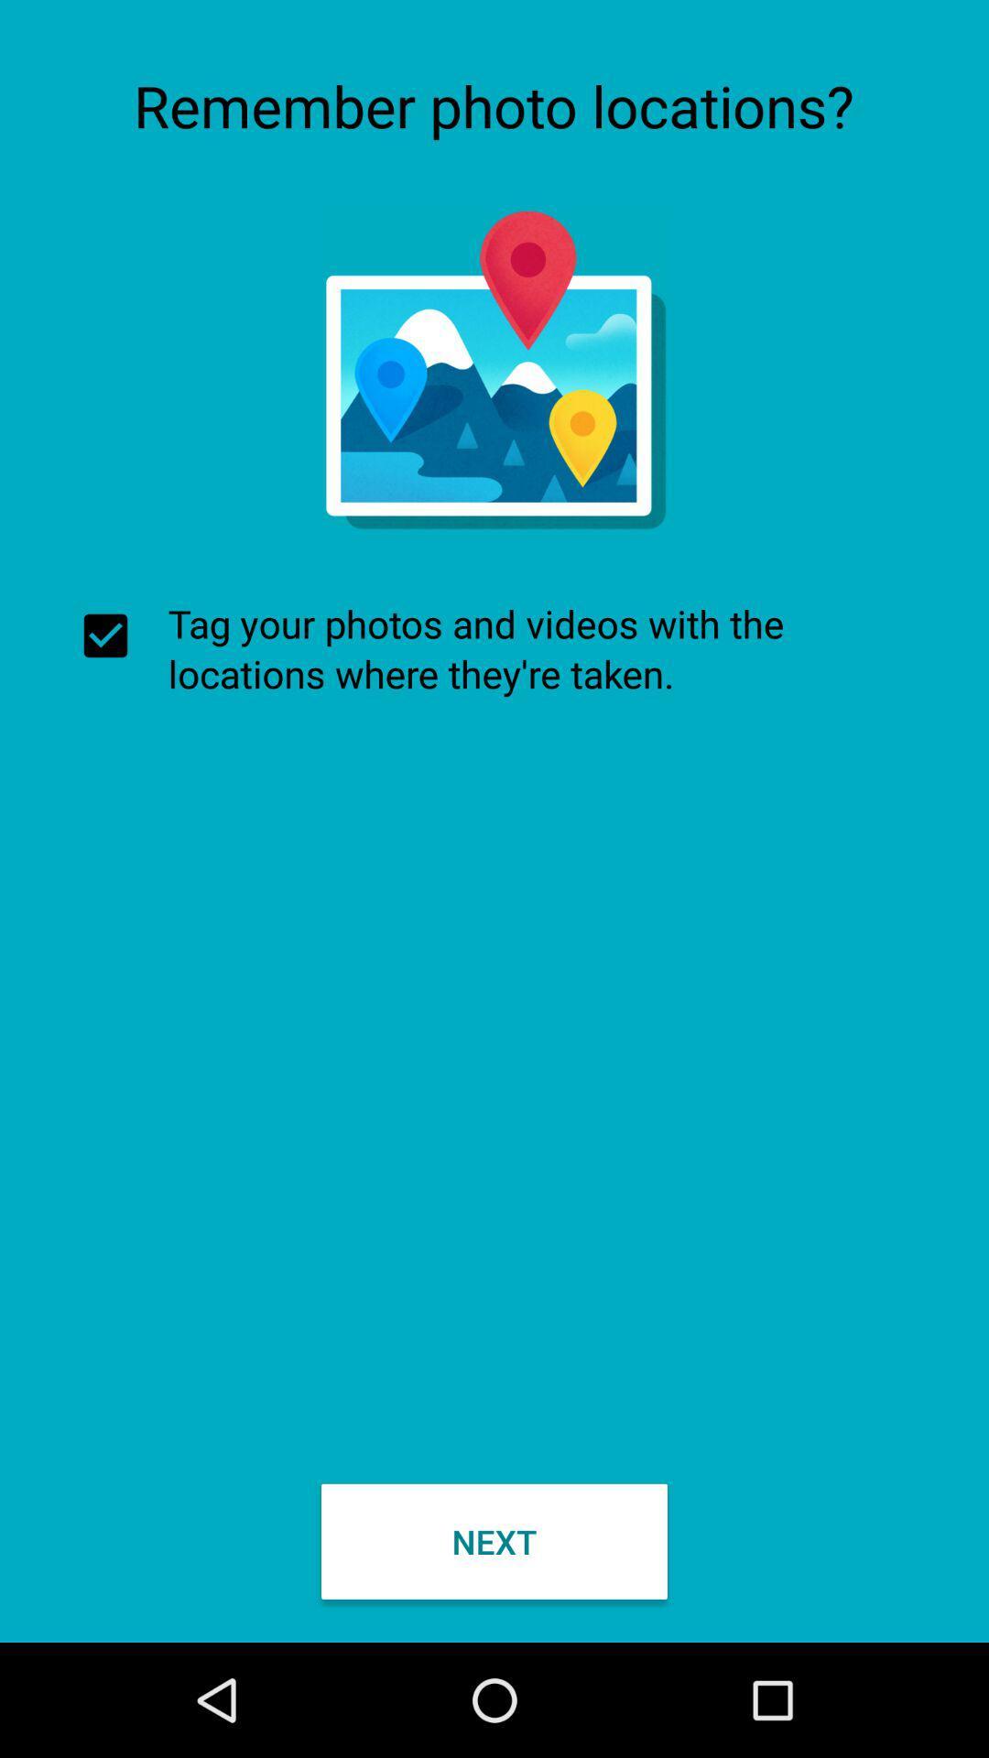  What do you see at coordinates (494, 1540) in the screenshot?
I see `next at the bottom` at bounding box center [494, 1540].